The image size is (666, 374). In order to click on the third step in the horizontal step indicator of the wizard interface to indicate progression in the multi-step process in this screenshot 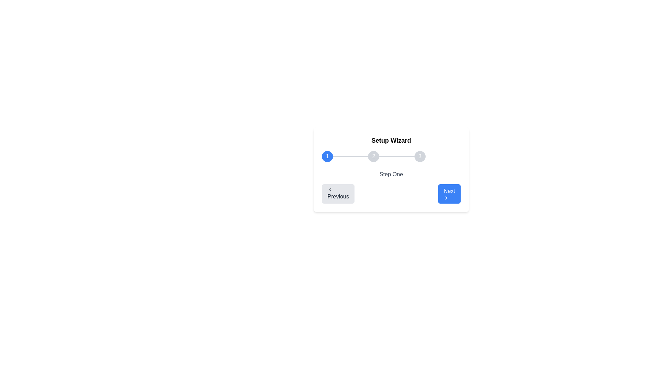, I will do `click(419, 156)`.